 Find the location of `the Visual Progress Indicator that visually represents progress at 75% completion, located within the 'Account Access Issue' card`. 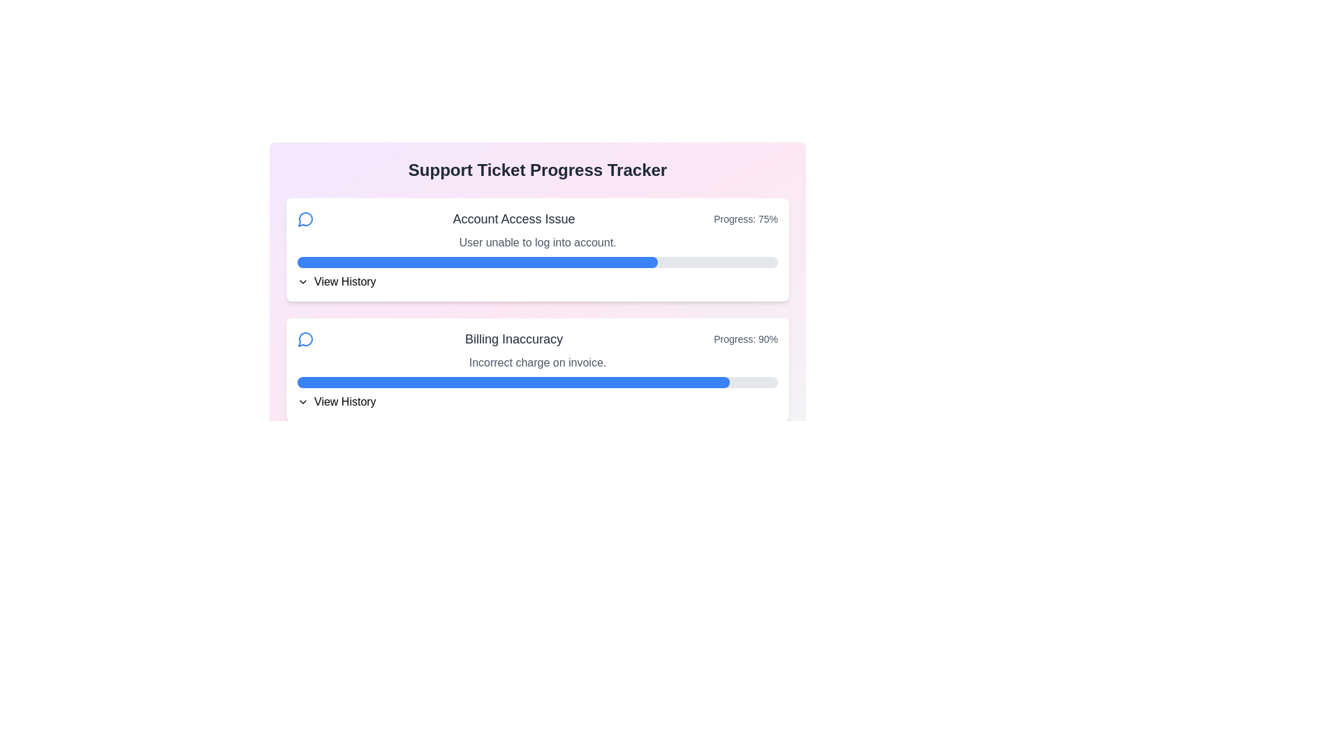

the Visual Progress Indicator that visually represents progress at 75% completion, located within the 'Account Access Issue' card is located at coordinates (478, 262).